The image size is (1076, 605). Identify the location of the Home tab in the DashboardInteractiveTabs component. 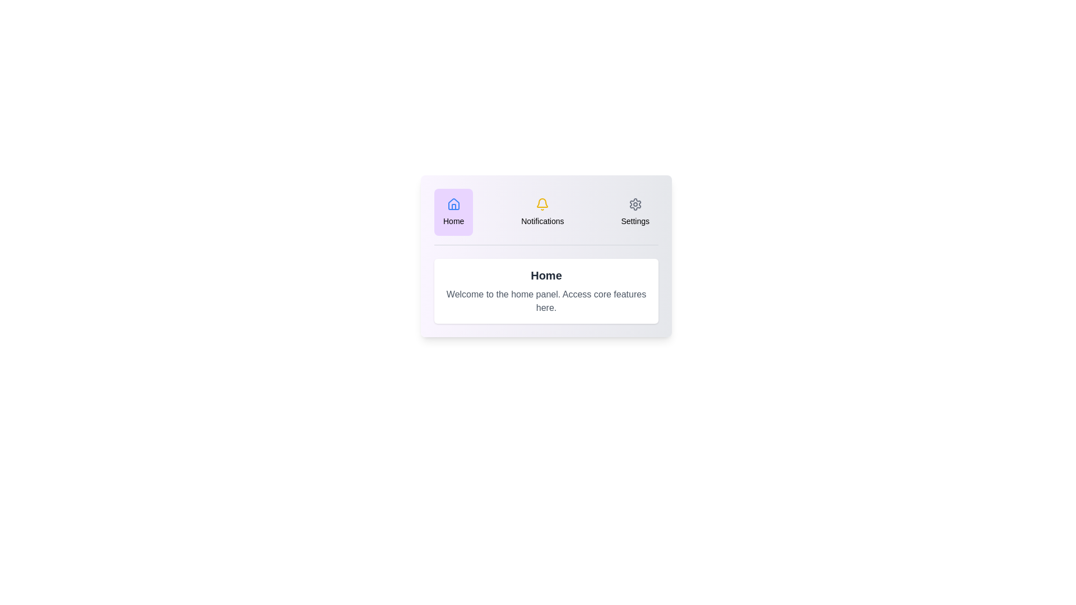
(453, 212).